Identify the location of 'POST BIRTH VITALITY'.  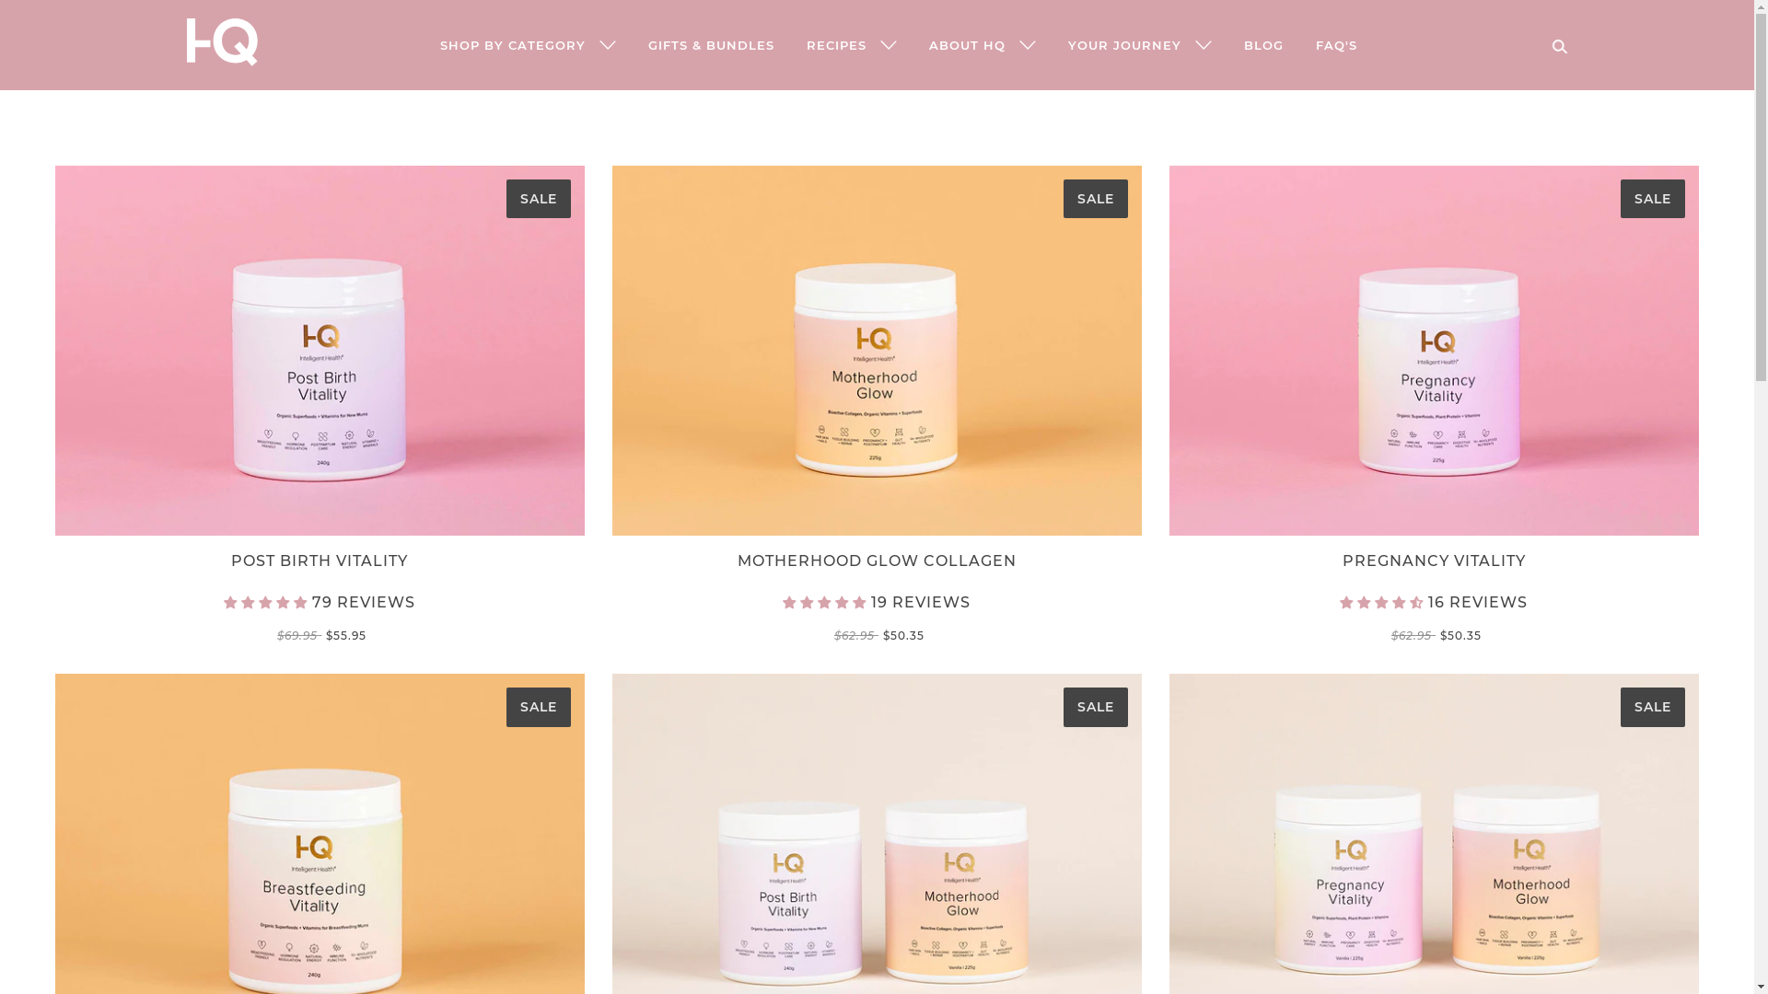
(320, 564).